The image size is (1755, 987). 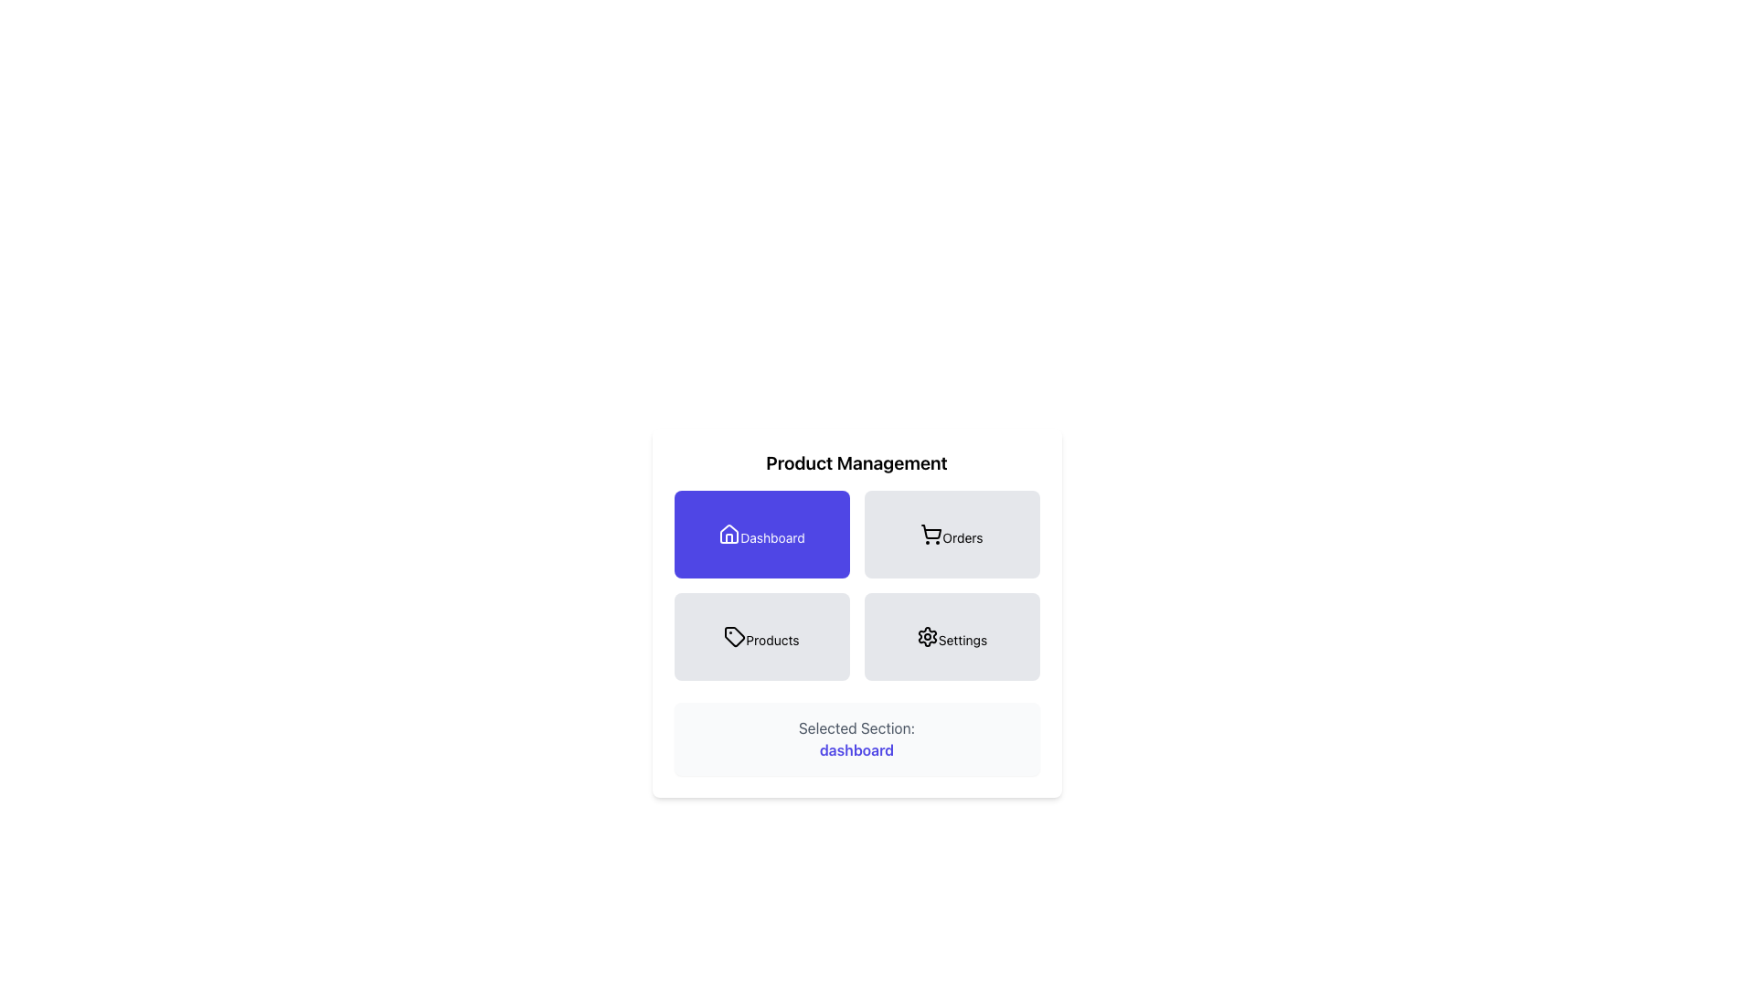 What do you see at coordinates (735, 636) in the screenshot?
I see `the tag icon located in the lower-left corner of the 'Products' button, which is part of a grid of buttons beneath the active 'Dashboard' button` at bounding box center [735, 636].